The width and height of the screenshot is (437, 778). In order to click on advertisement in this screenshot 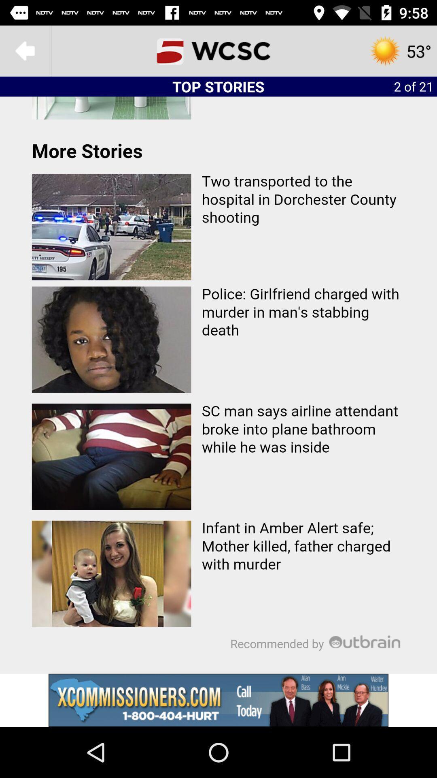, I will do `click(218, 700)`.